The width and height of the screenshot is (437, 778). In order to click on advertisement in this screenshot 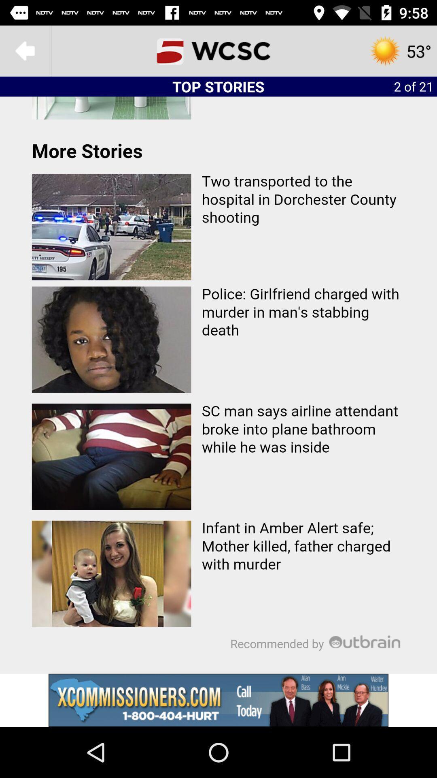, I will do `click(218, 700)`.